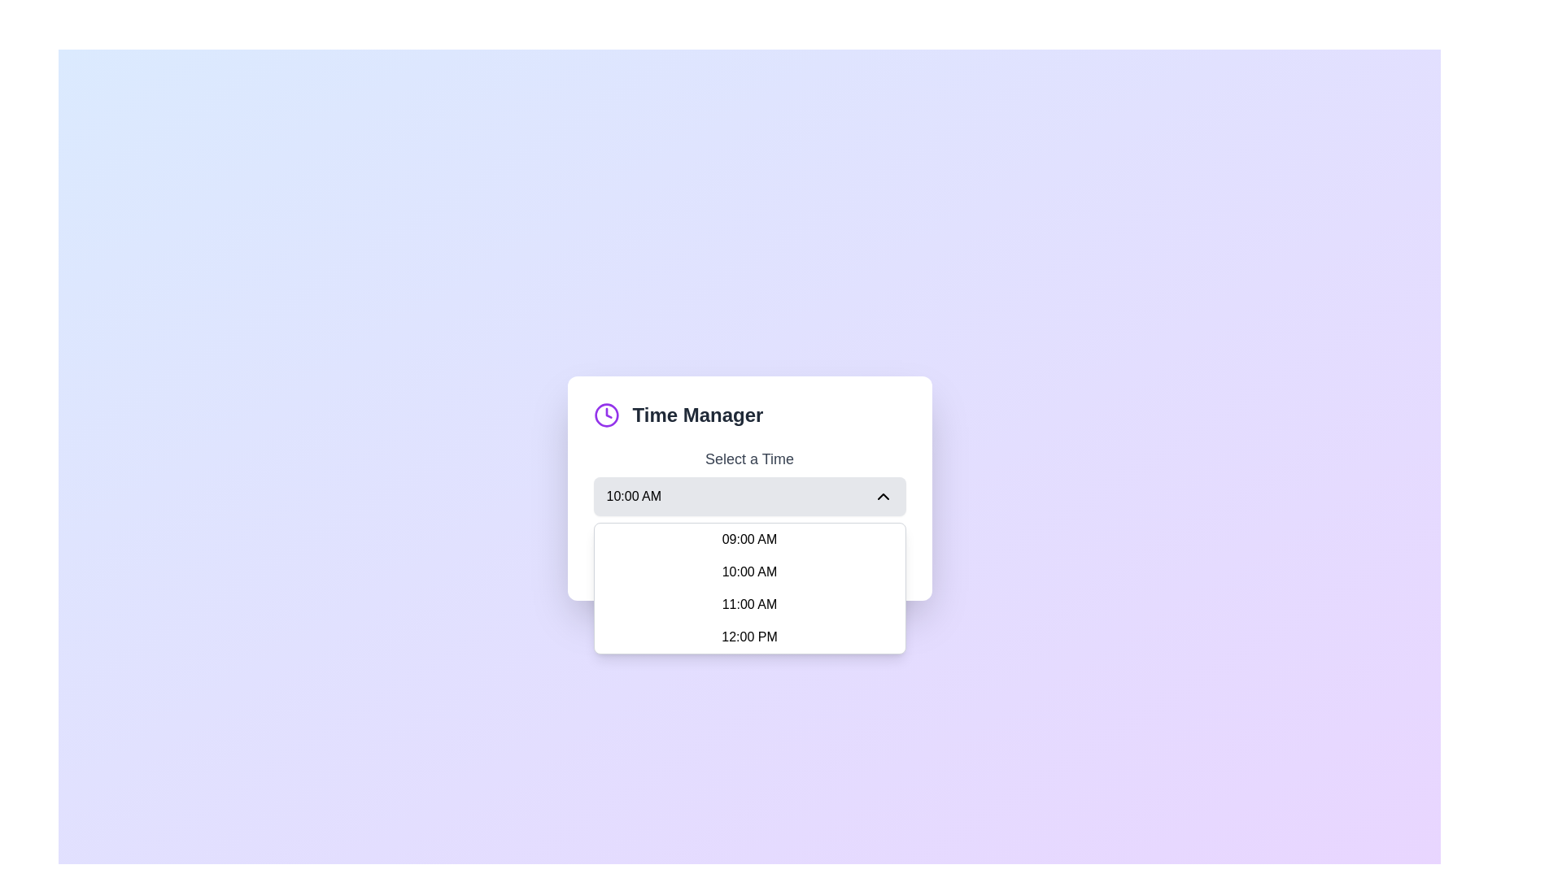  I want to click on the second option in the dropdown menu, so click(748, 572).